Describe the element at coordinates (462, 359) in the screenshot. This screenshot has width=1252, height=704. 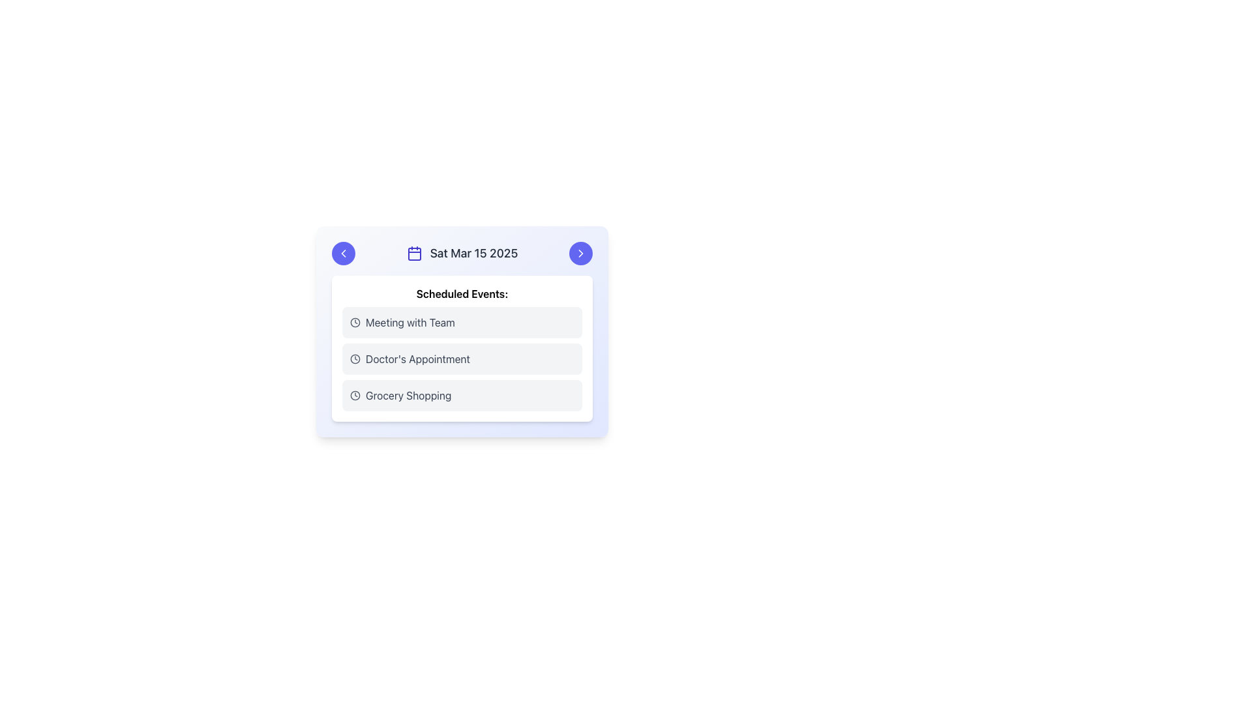
I see `the second list item labeled 'Doctor's Appointment' which contains a clock icon` at that location.